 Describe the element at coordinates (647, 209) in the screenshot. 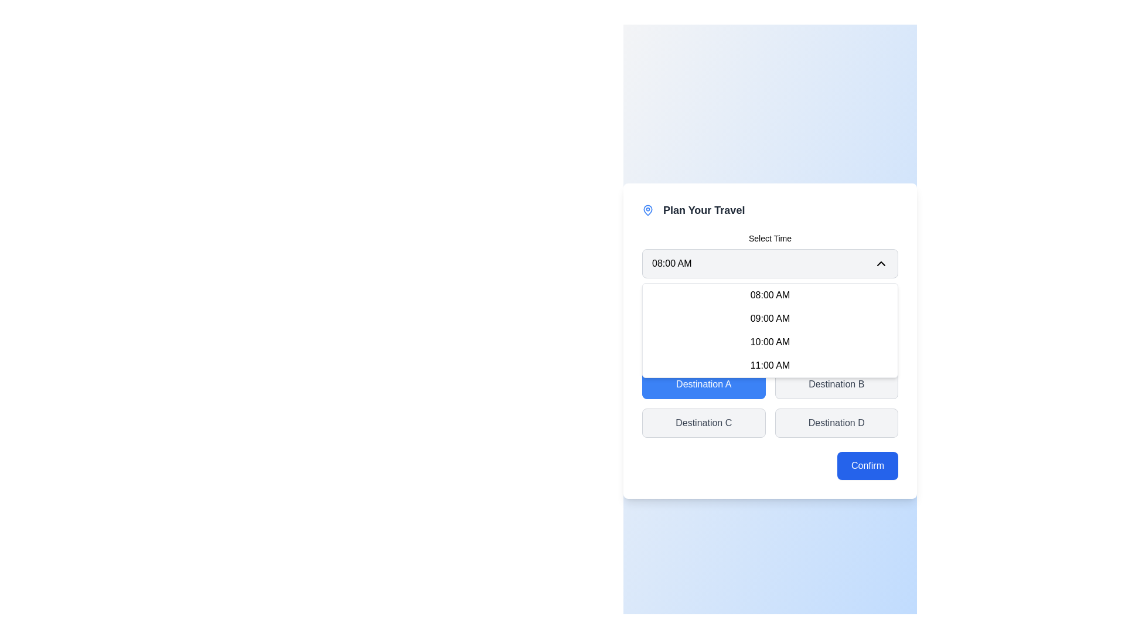

I see `the location pin marker icon, which is positioned to the left of the 'Plan Your Travel' heading` at that location.